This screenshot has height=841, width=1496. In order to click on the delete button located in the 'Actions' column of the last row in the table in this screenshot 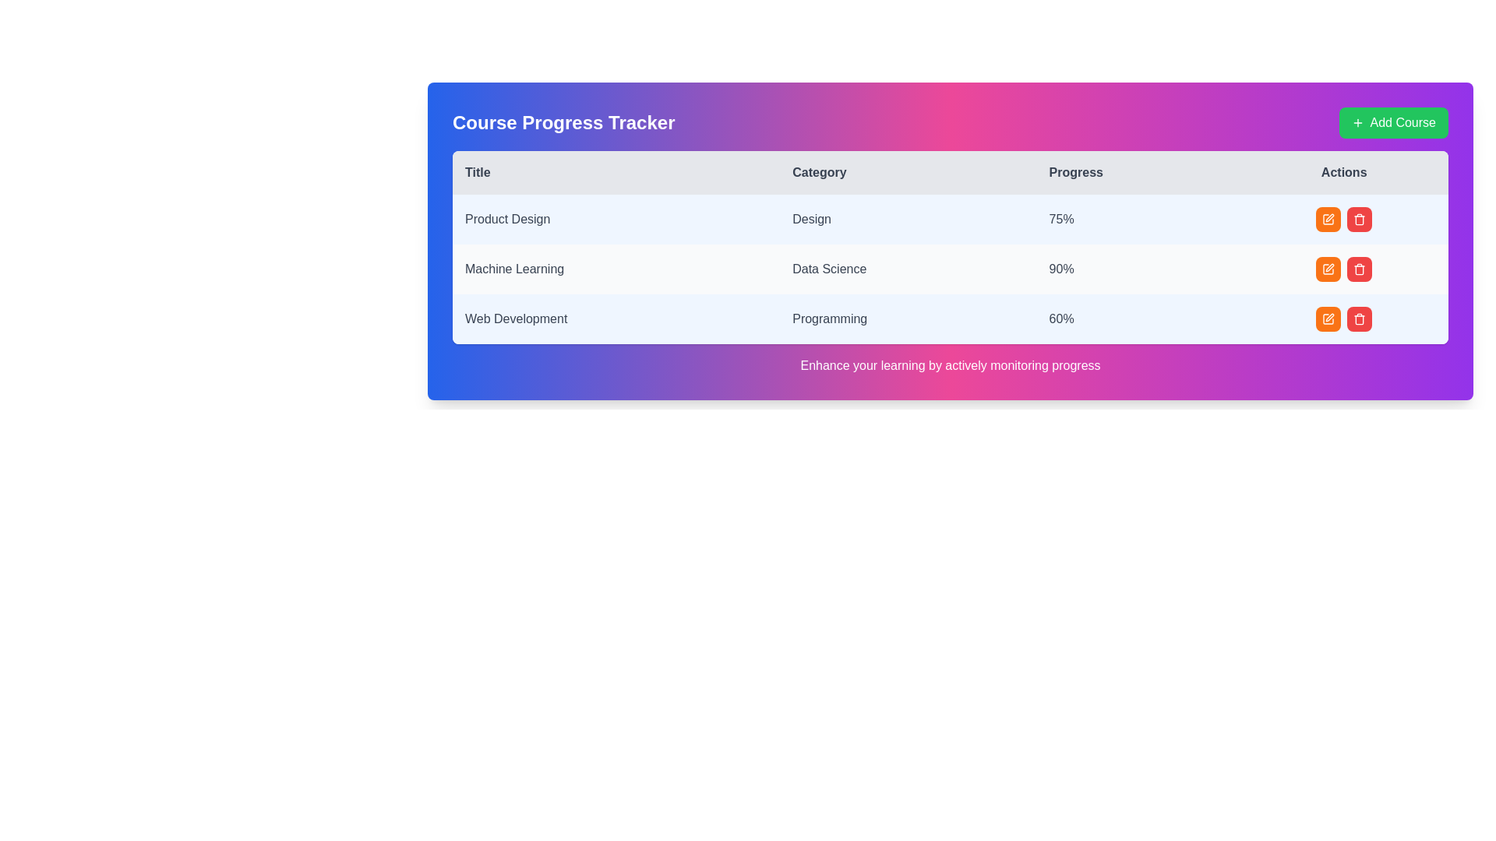, I will do `click(1359, 318)`.